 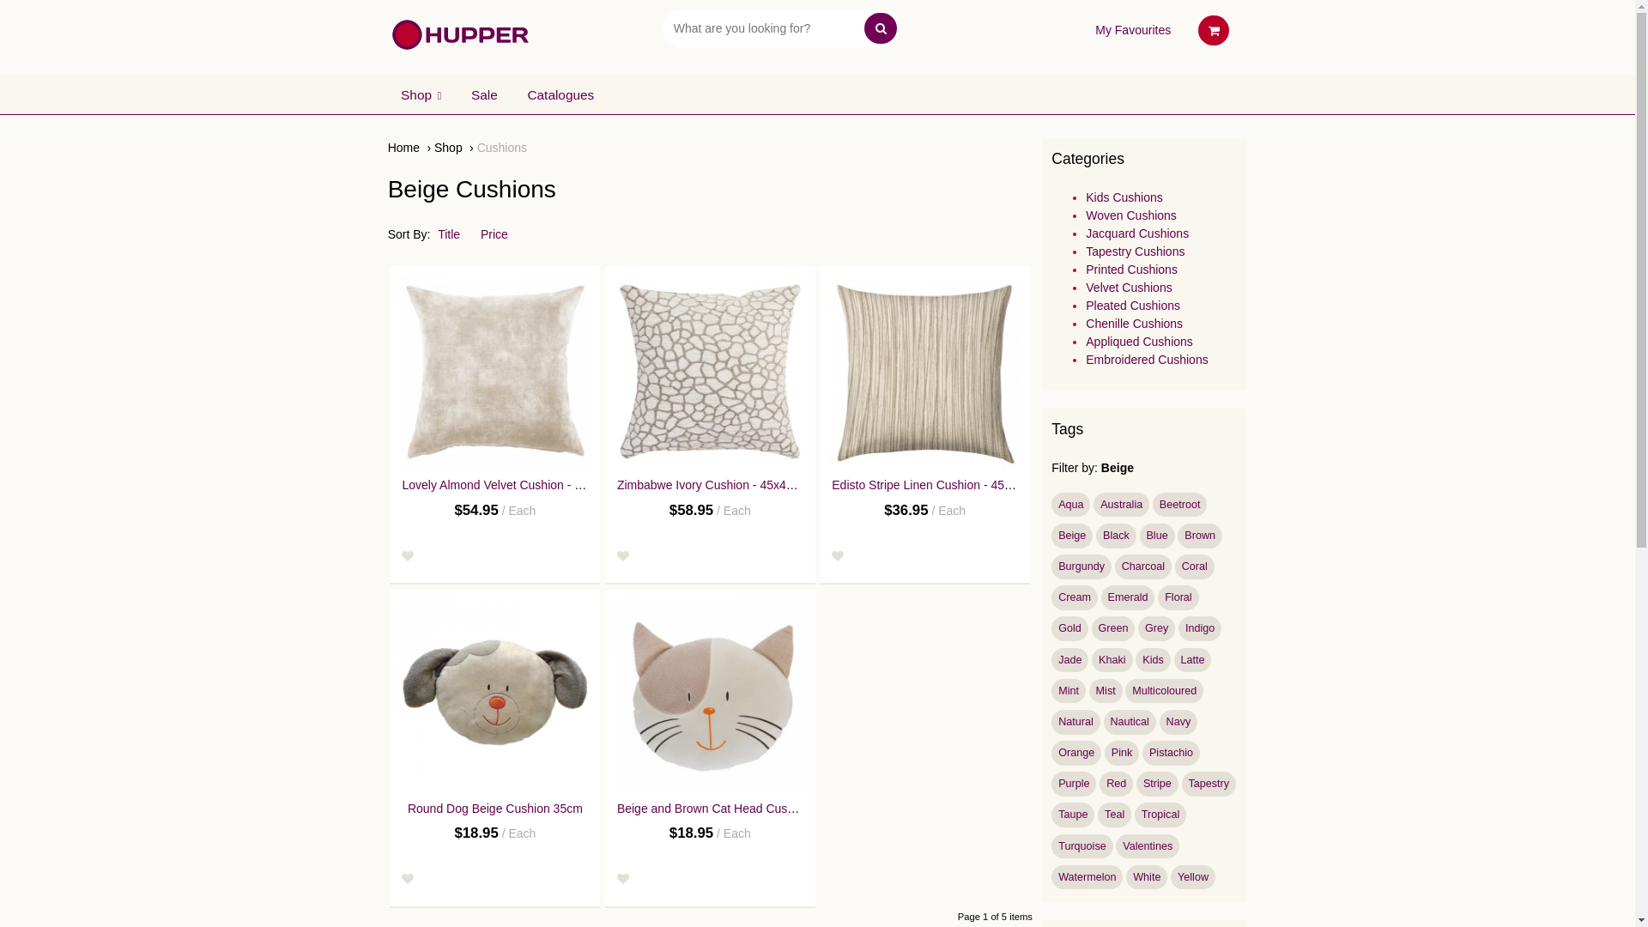 I want to click on 'Red', so click(x=1116, y=784).